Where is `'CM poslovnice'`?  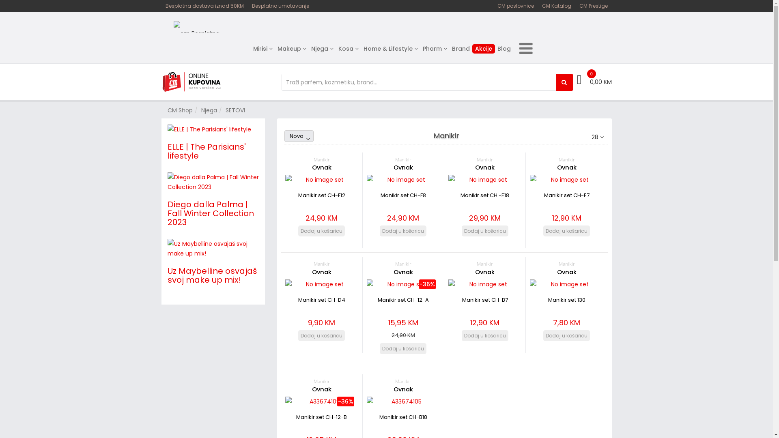
'CM poslovnice' is located at coordinates (515, 6).